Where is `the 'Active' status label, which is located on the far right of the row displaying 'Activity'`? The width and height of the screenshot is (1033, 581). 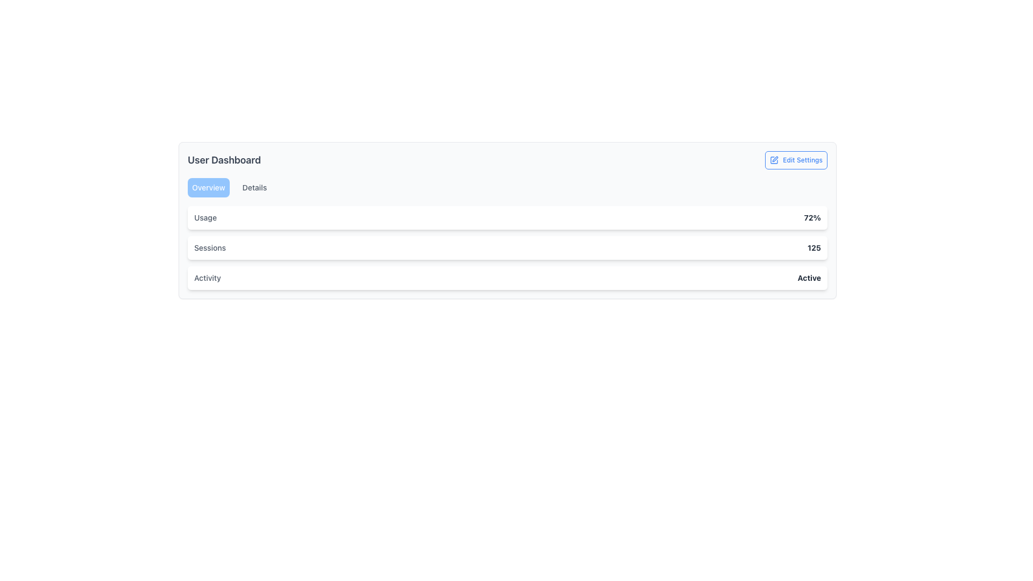
the 'Active' status label, which is located on the far right of the row displaying 'Activity' is located at coordinates (809, 277).